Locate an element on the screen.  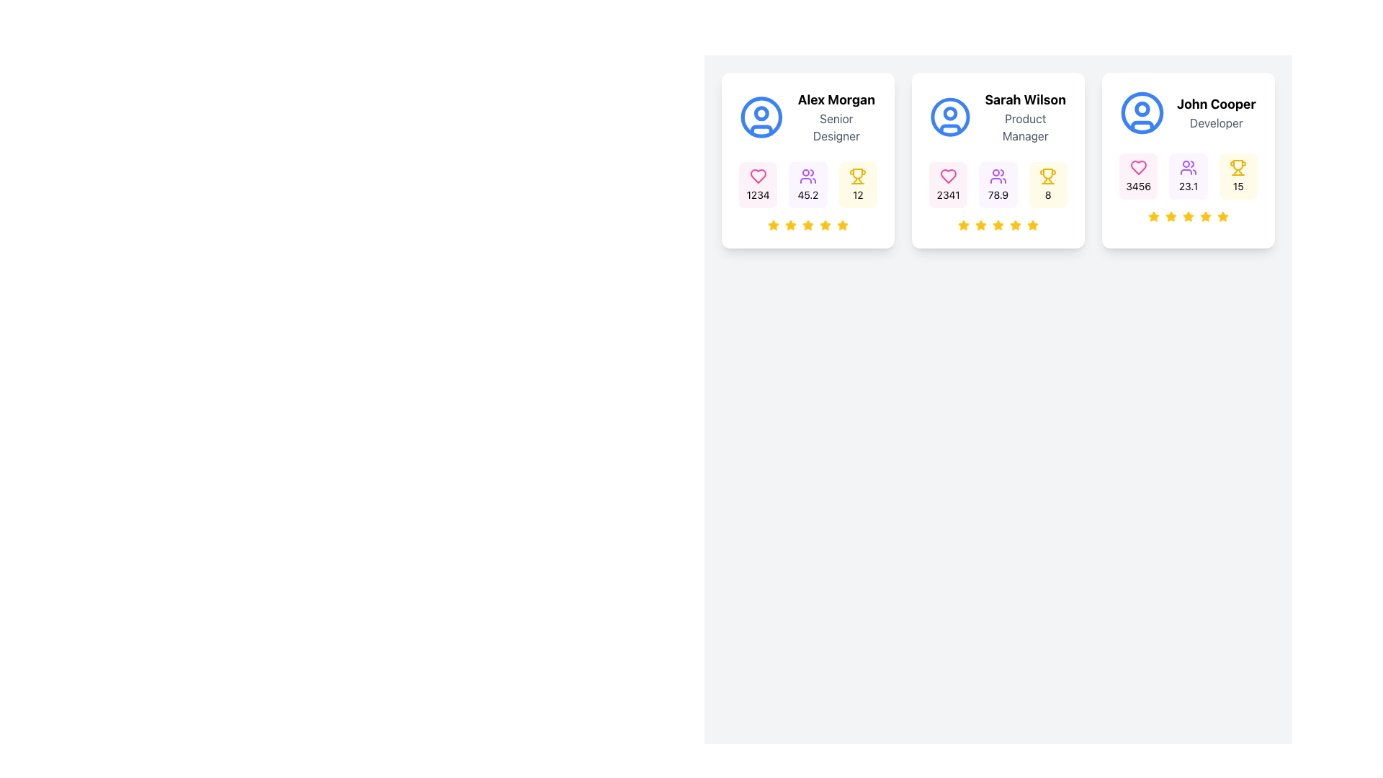
the yellow star-shaped rating icon located in the sixth position of the row of seven stars at the bottom of the profile card to rate it is located at coordinates (1031, 225).